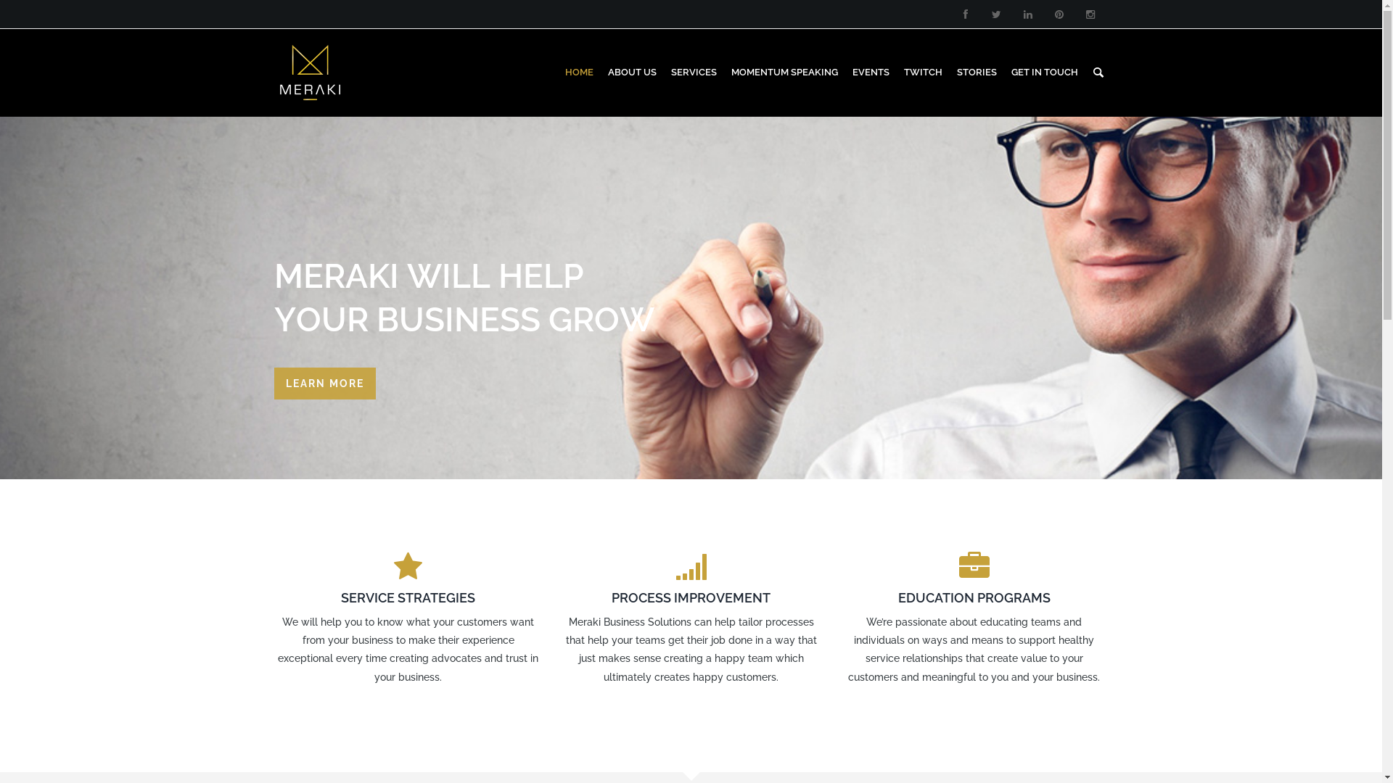 This screenshot has height=783, width=1393. What do you see at coordinates (578, 72) in the screenshot?
I see `'HOME'` at bounding box center [578, 72].